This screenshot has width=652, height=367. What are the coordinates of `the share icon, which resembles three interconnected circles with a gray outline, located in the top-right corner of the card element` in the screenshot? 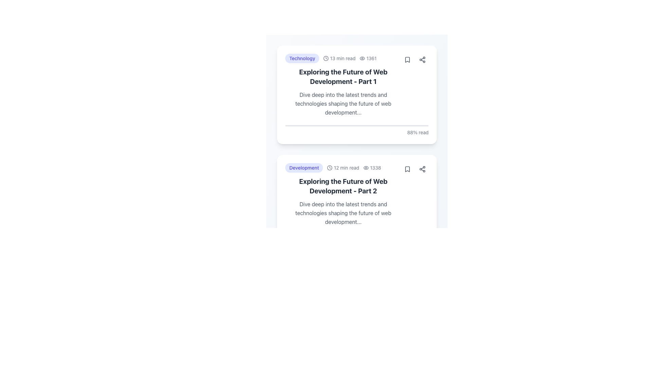 It's located at (422, 169).